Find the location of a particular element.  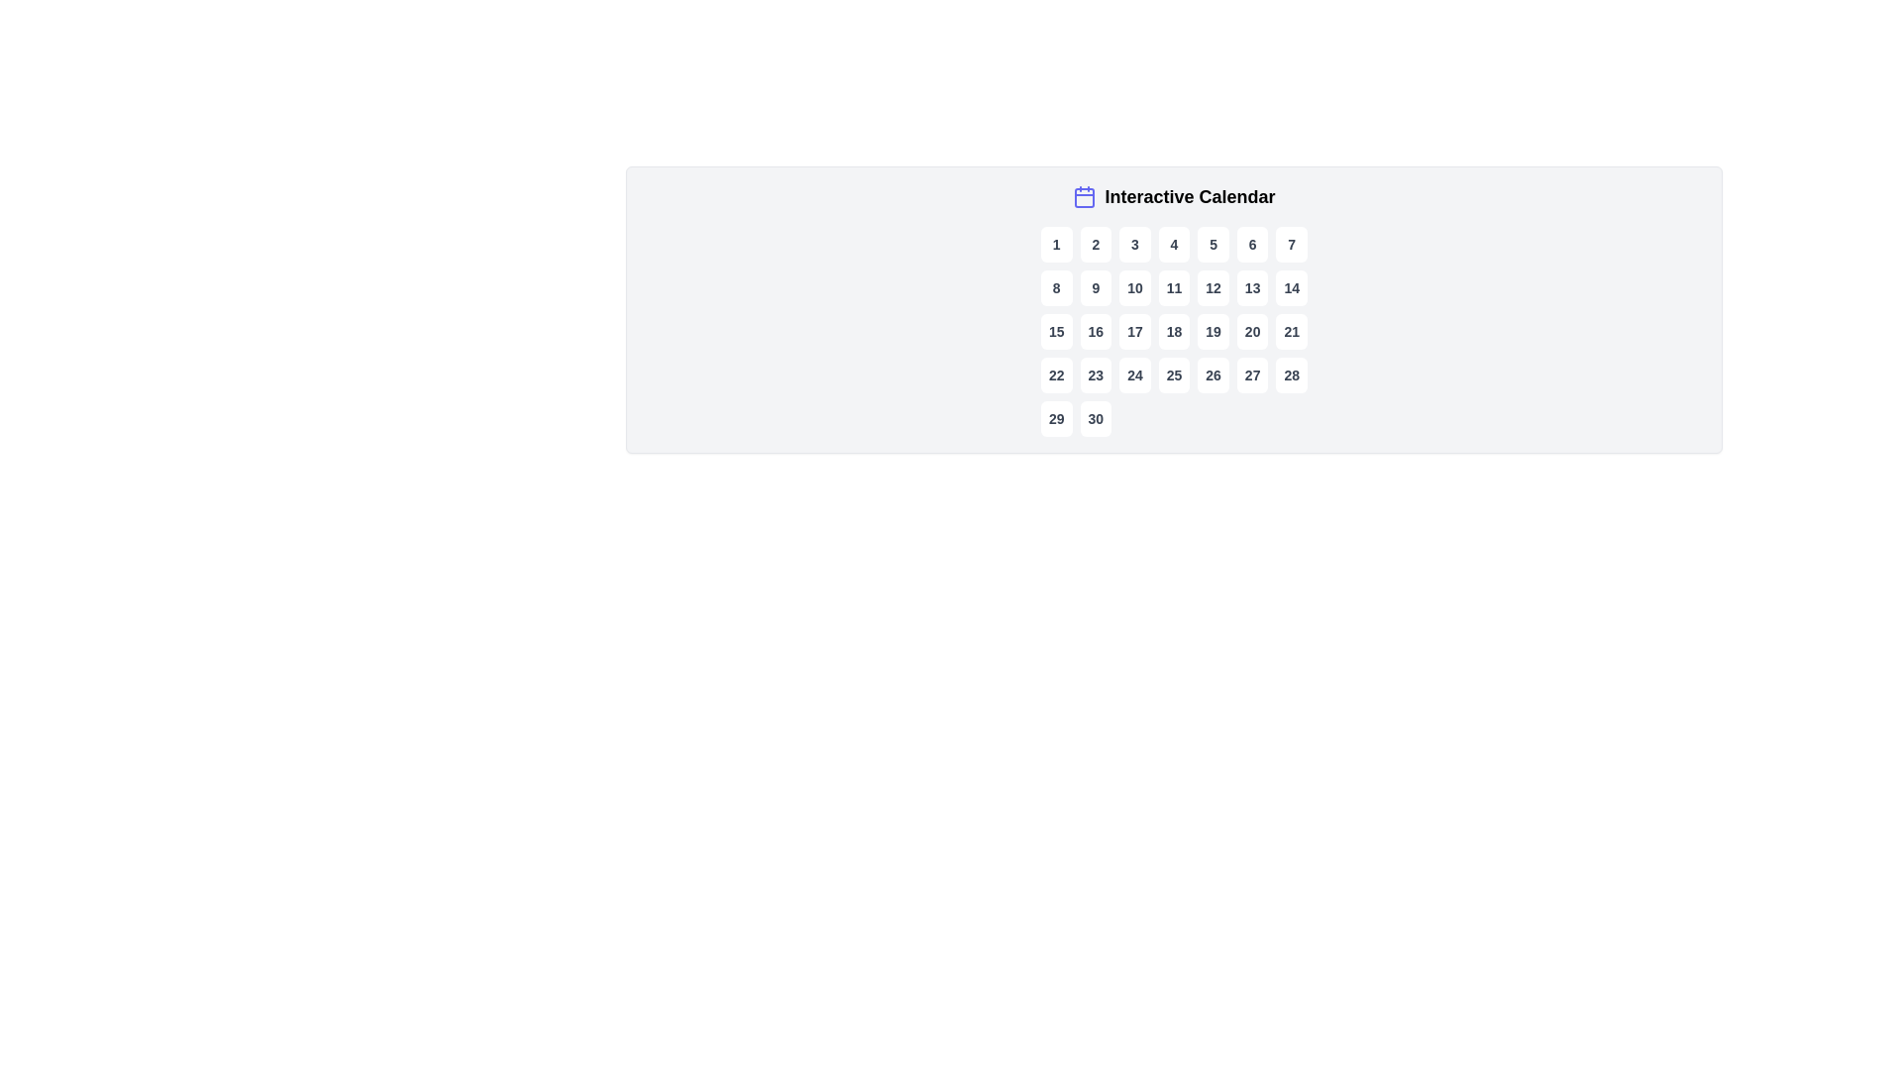

the text label that serves as a title for the interactive calendar feature, located at the top right of the calendar icon is located at coordinates (1189, 197).